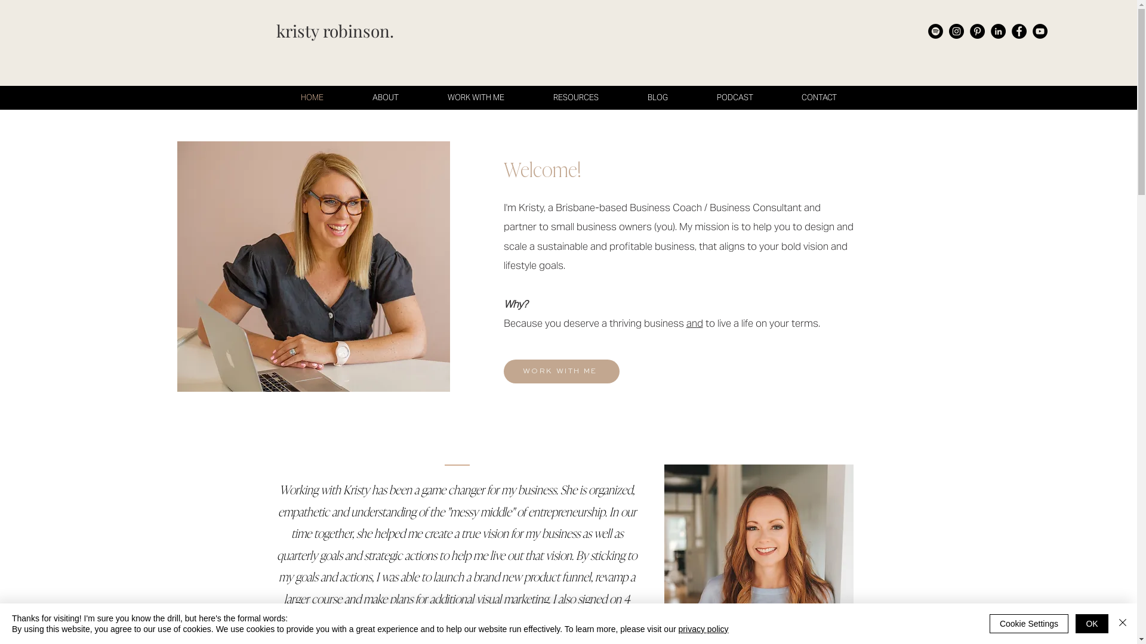  What do you see at coordinates (1092, 623) in the screenshot?
I see `'OK'` at bounding box center [1092, 623].